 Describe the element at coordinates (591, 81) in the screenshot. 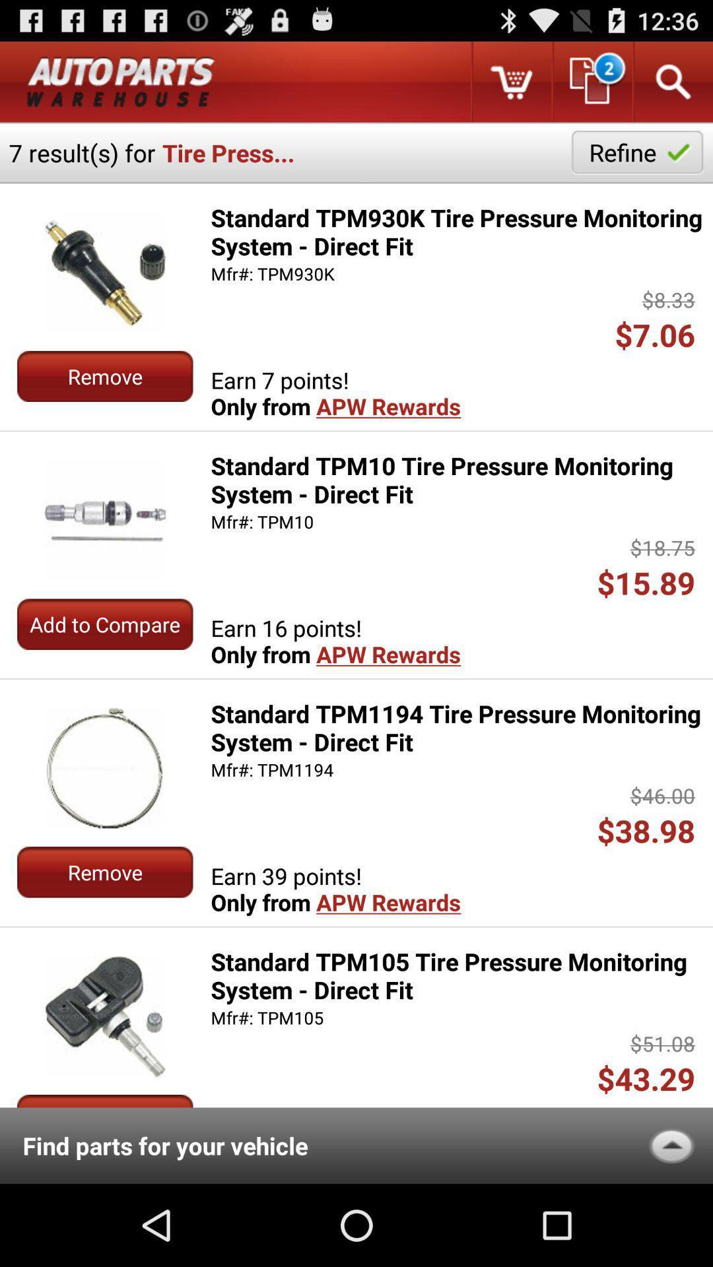

I see `total message in button` at that location.